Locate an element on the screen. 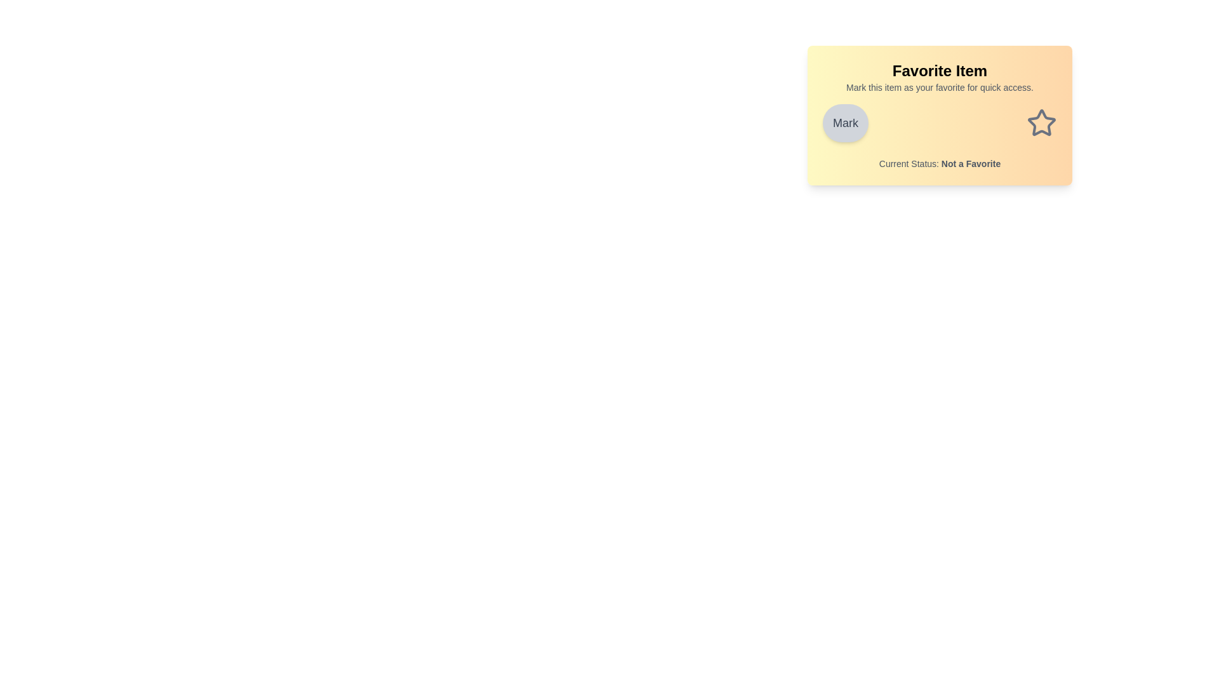  the star icon to toggle its favorite state is located at coordinates (1042, 123).